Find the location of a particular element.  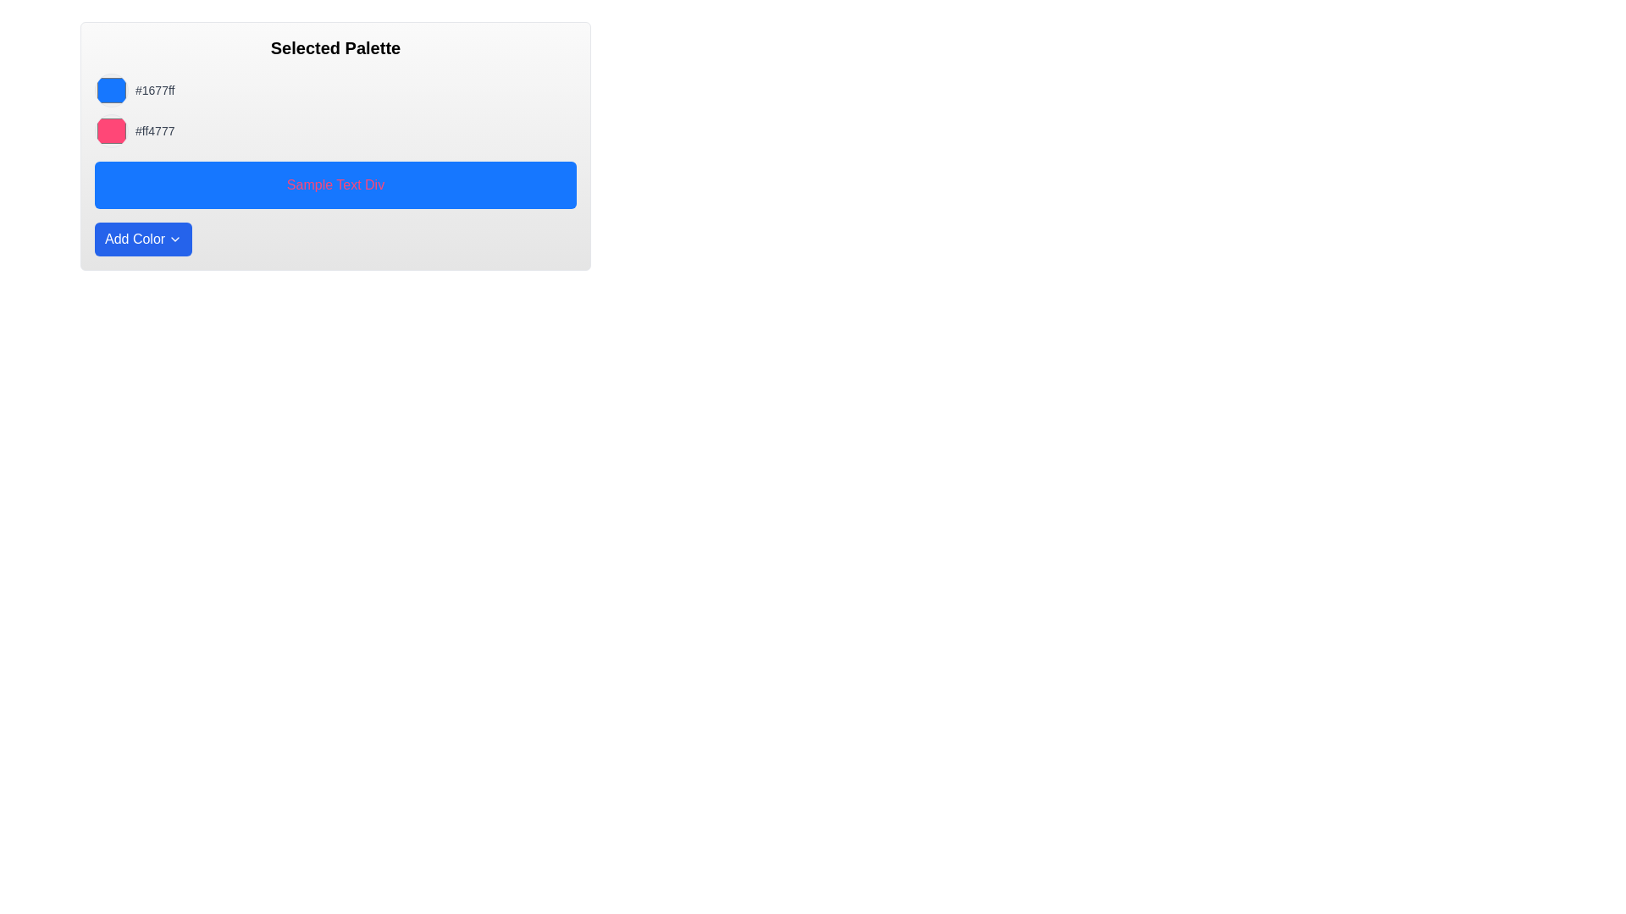

the Color Picker Swatch Button representing the color '#1677ff' is located at coordinates (111, 91).